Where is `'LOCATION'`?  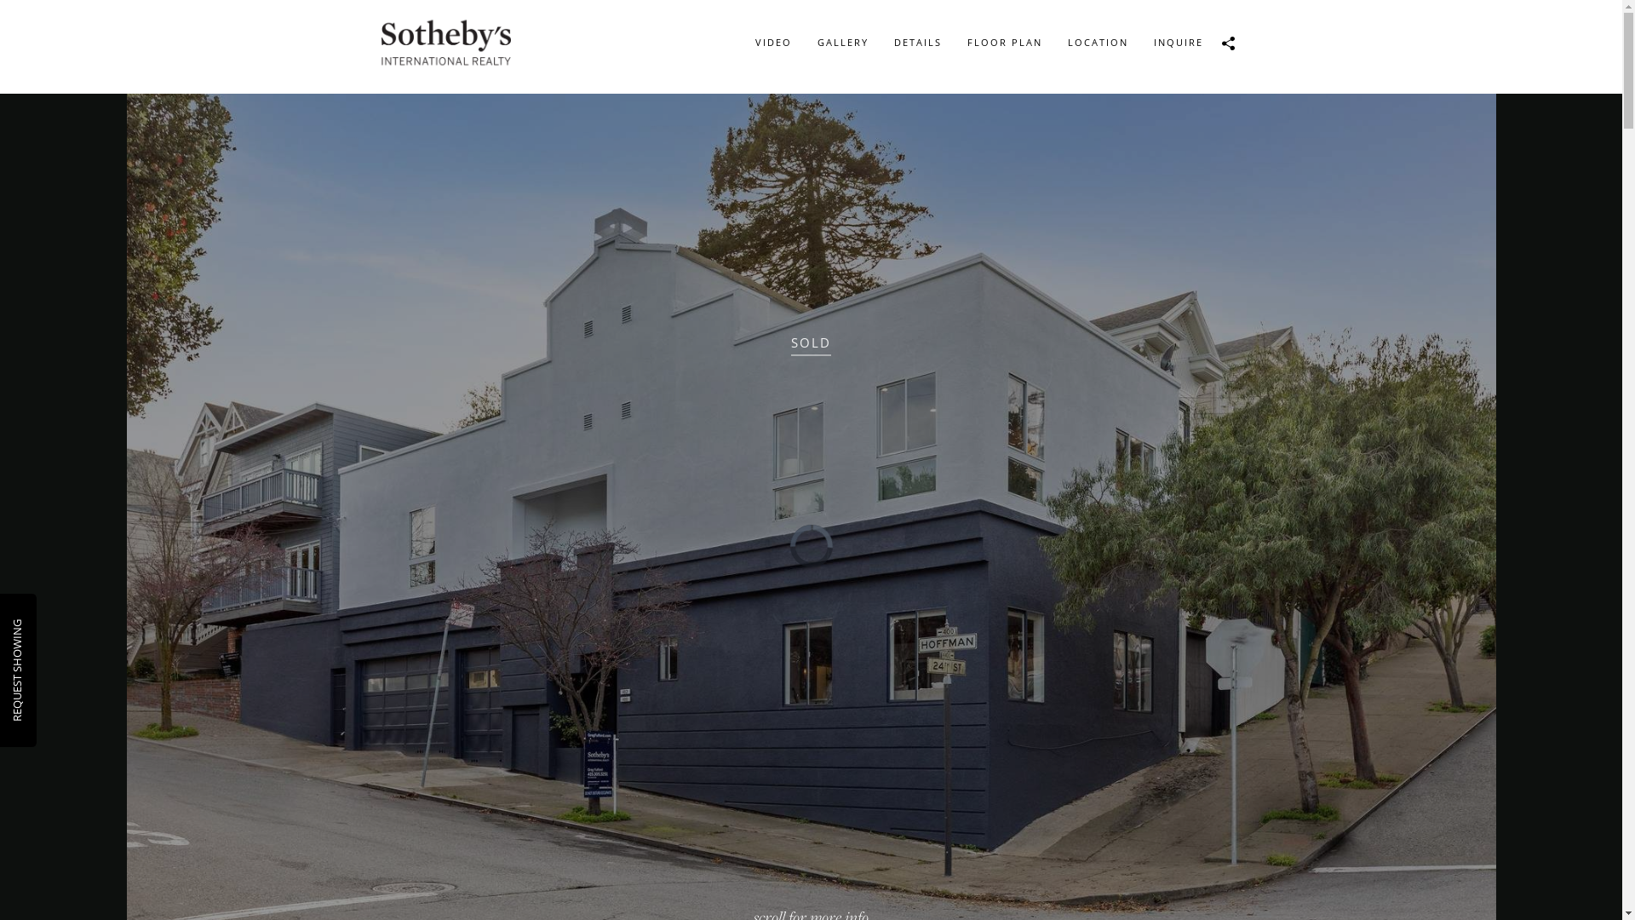 'LOCATION' is located at coordinates (1097, 42).